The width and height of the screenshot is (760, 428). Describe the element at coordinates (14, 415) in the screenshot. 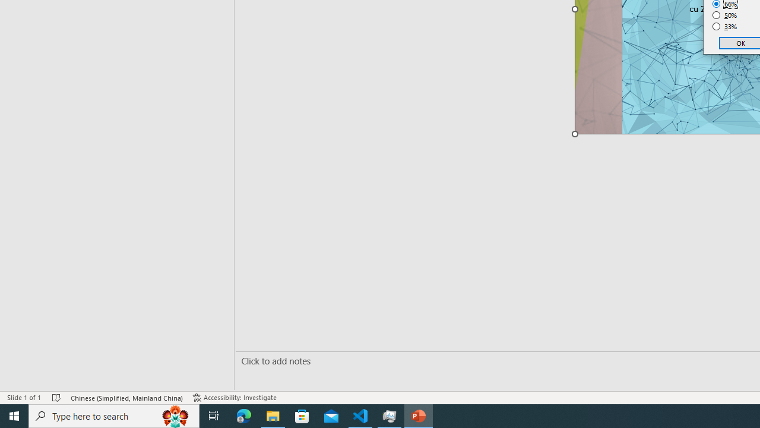

I see `'Start'` at that location.